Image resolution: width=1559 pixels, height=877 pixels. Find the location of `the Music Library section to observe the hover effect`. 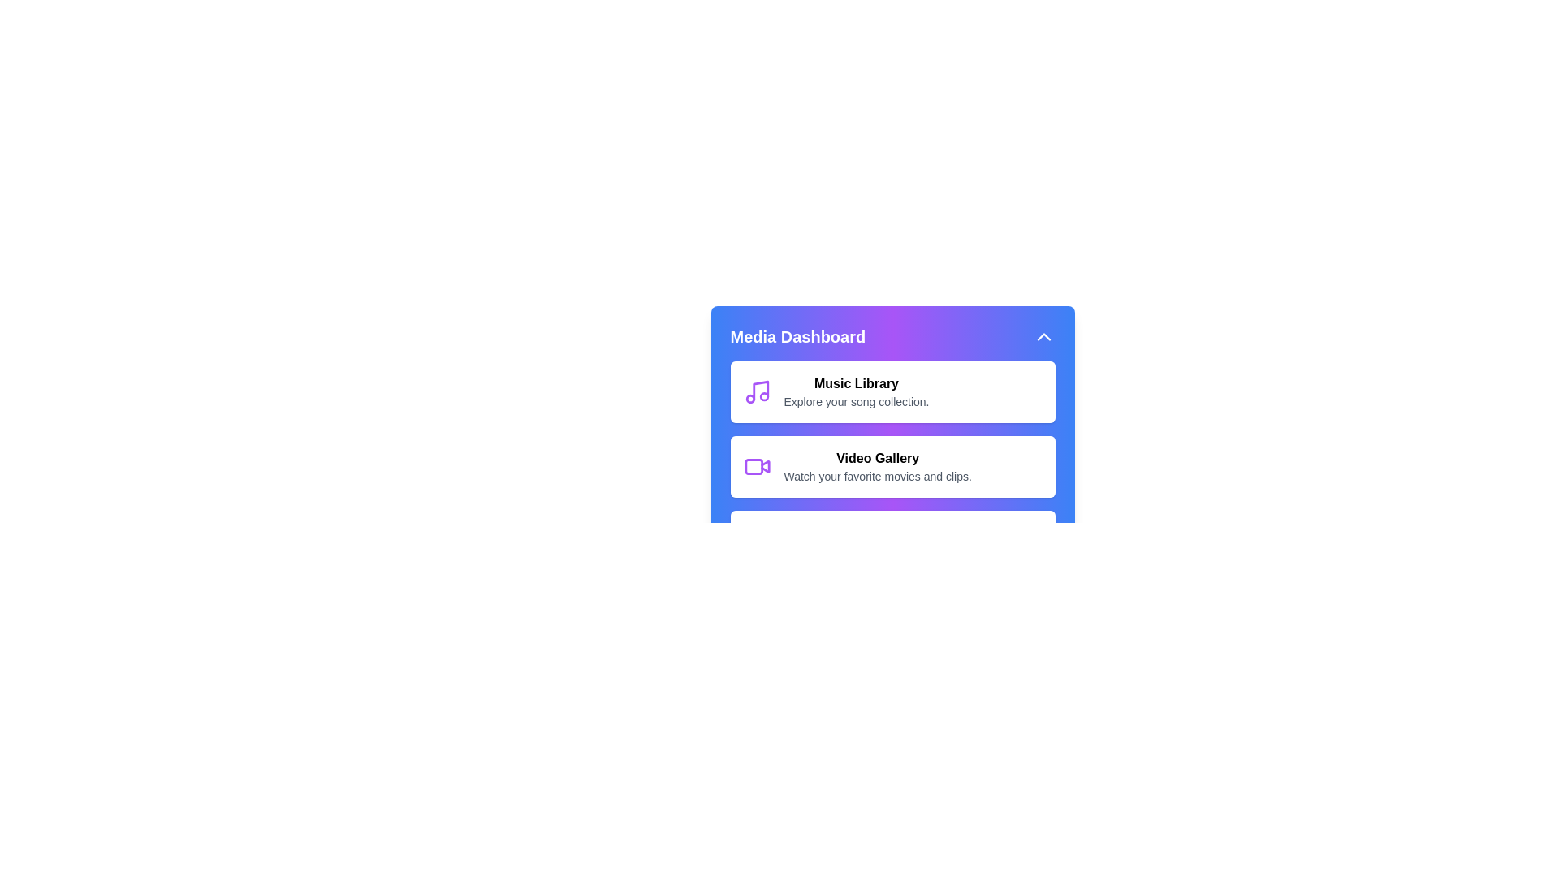

the Music Library section to observe the hover effect is located at coordinates (892, 391).